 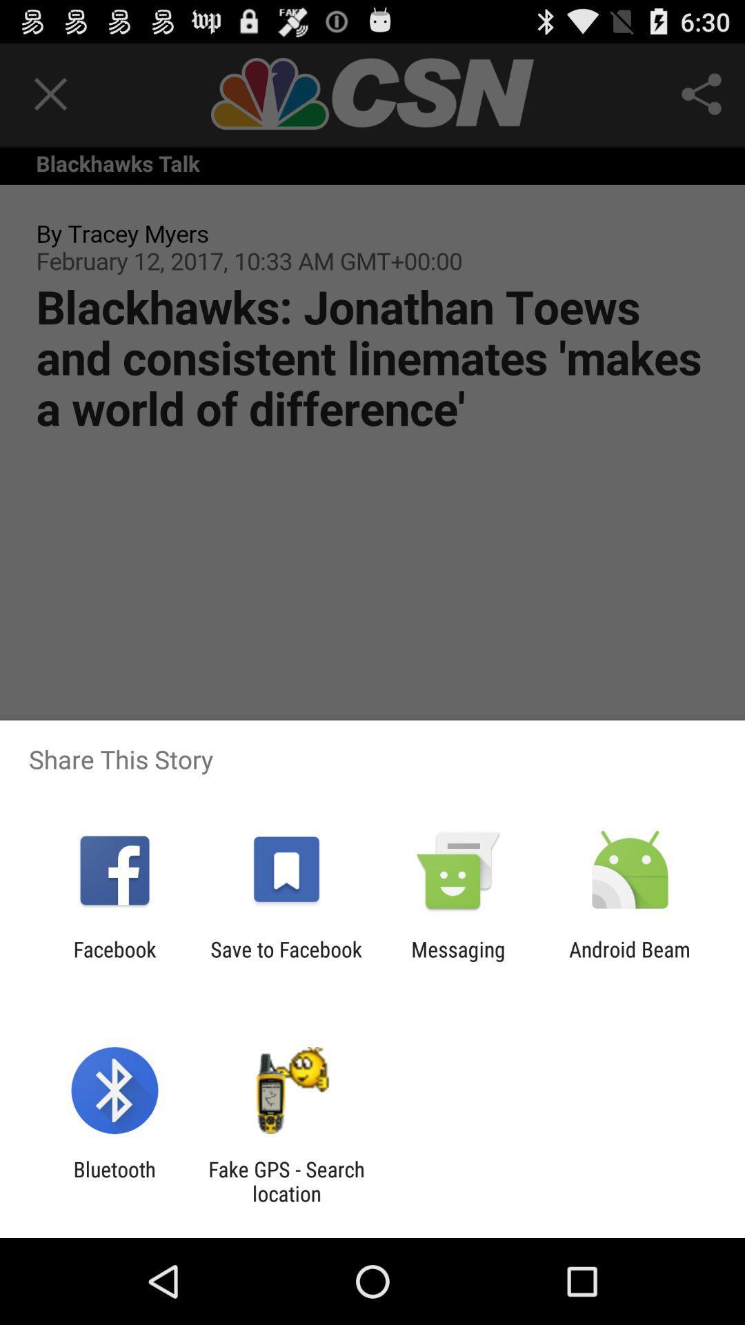 What do you see at coordinates (114, 1181) in the screenshot?
I see `icon next to fake gps search icon` at bounding box center [114, 1181].